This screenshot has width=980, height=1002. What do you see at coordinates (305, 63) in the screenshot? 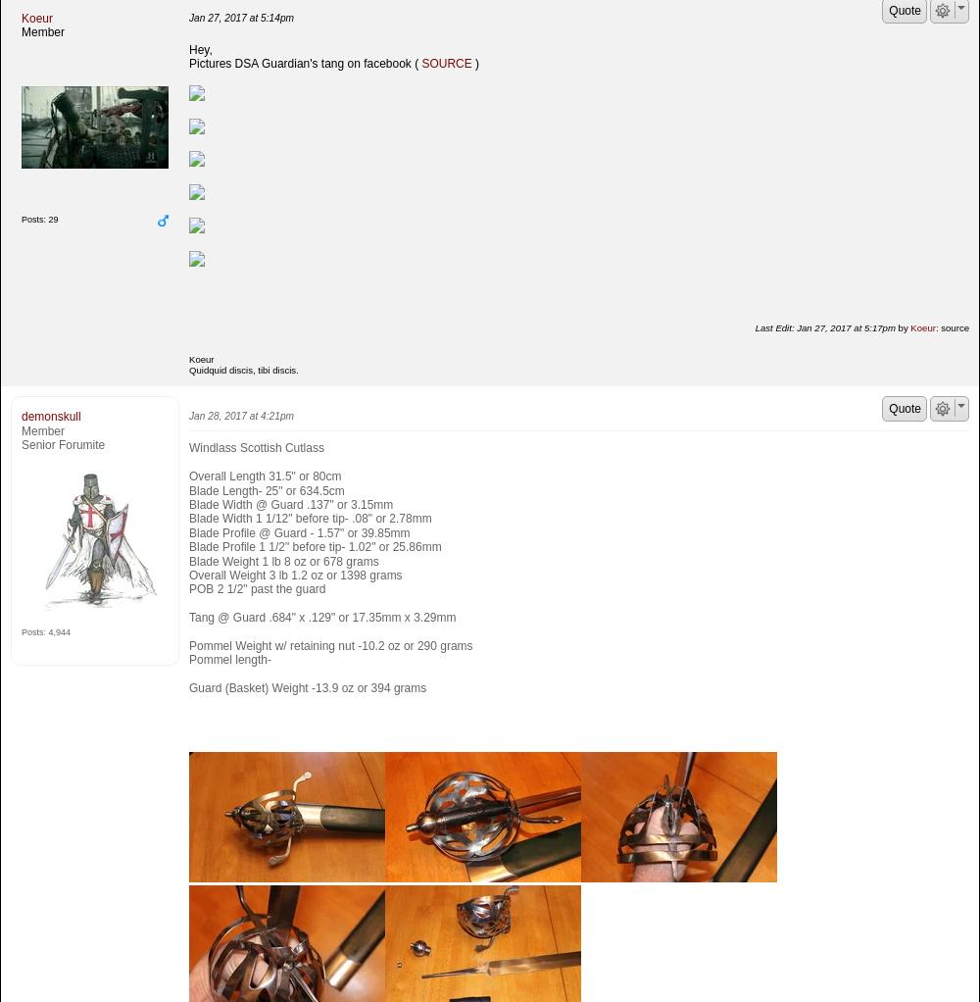
I see `'Pictures DSA Guardian's tang on facebook ('` at bounding box center [305, 63].